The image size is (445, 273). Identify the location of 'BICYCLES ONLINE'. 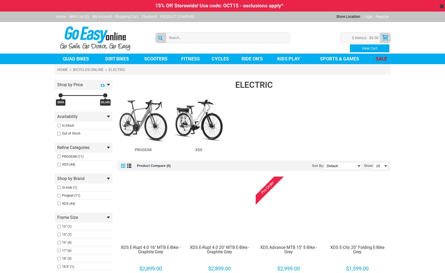
(87, 70).